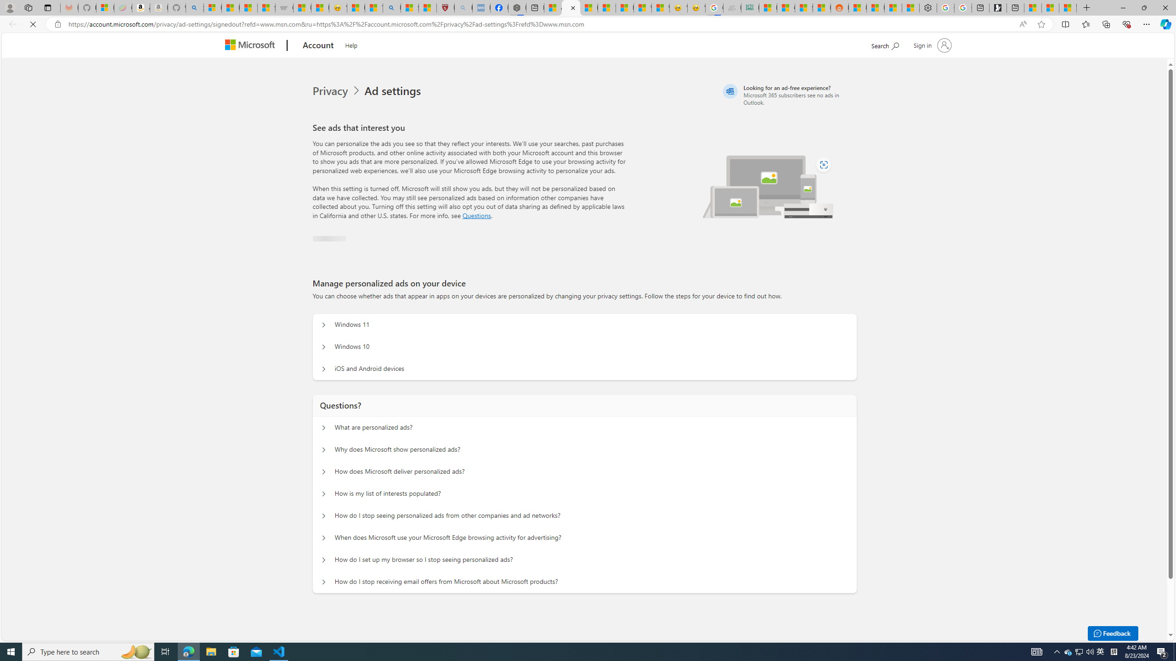 The height and width of the screenshot is (661, 1176). I want to click on 'Microsoft', so click(252, 45).